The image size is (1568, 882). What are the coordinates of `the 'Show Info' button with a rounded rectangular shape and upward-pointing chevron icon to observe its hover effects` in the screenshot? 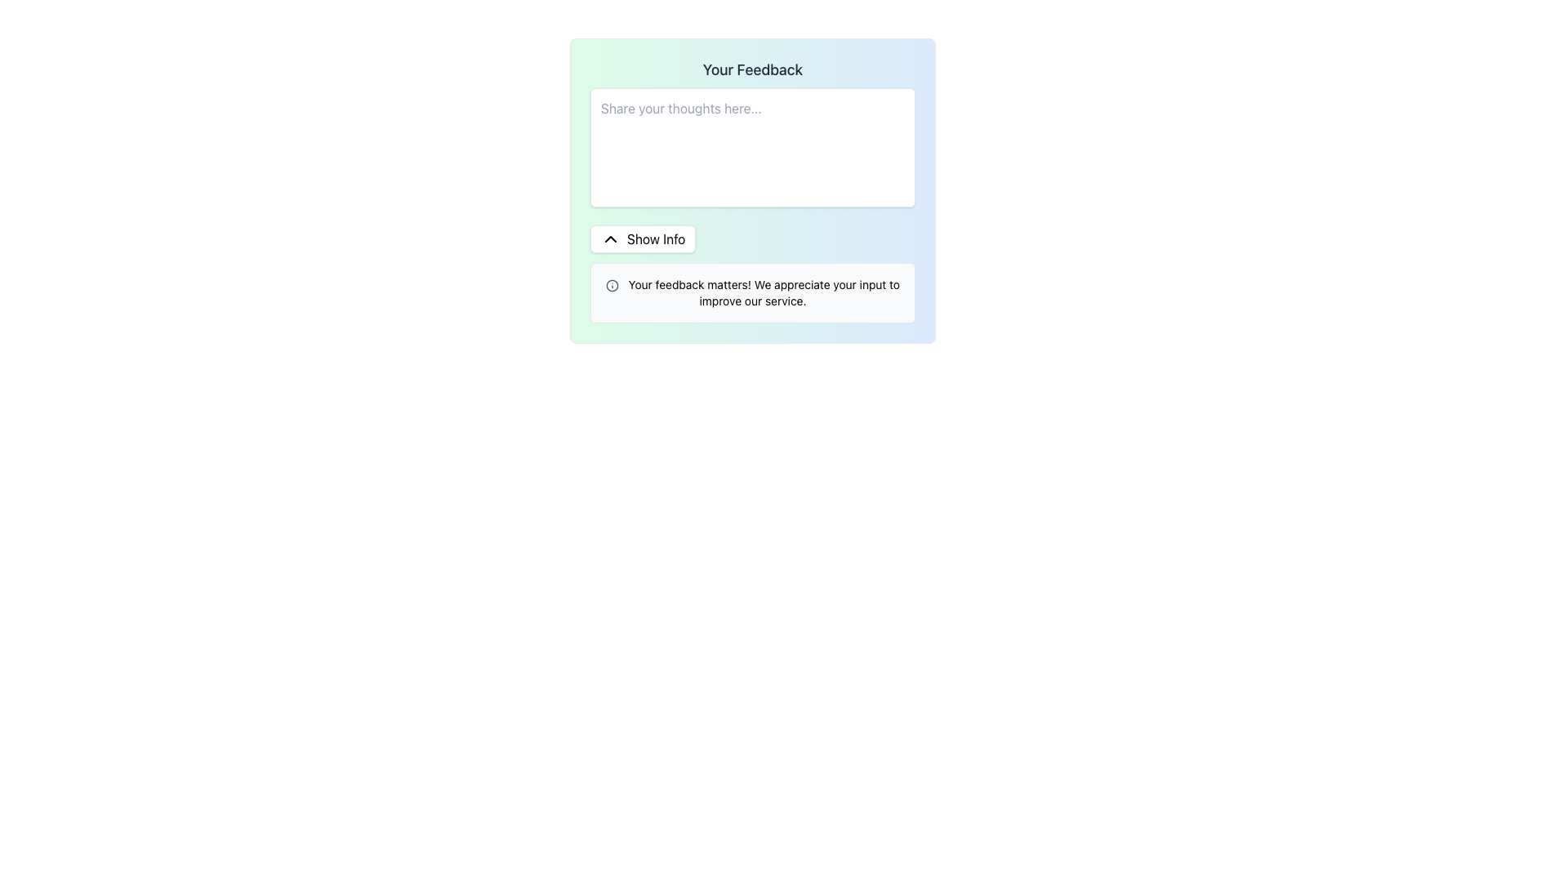 It's located at (642, 239).